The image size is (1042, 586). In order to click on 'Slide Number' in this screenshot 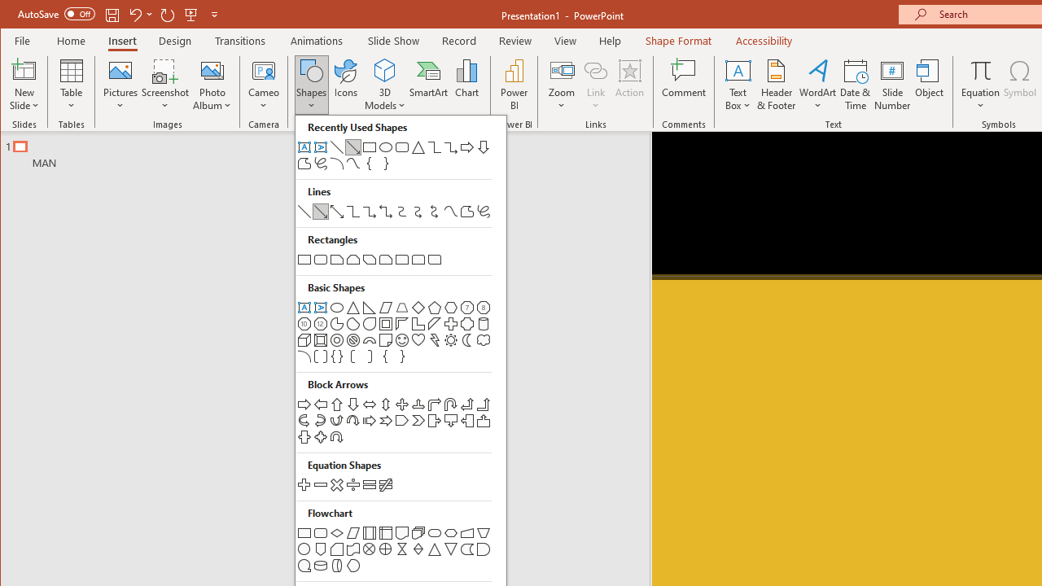, I will do `click(891, 85)`.